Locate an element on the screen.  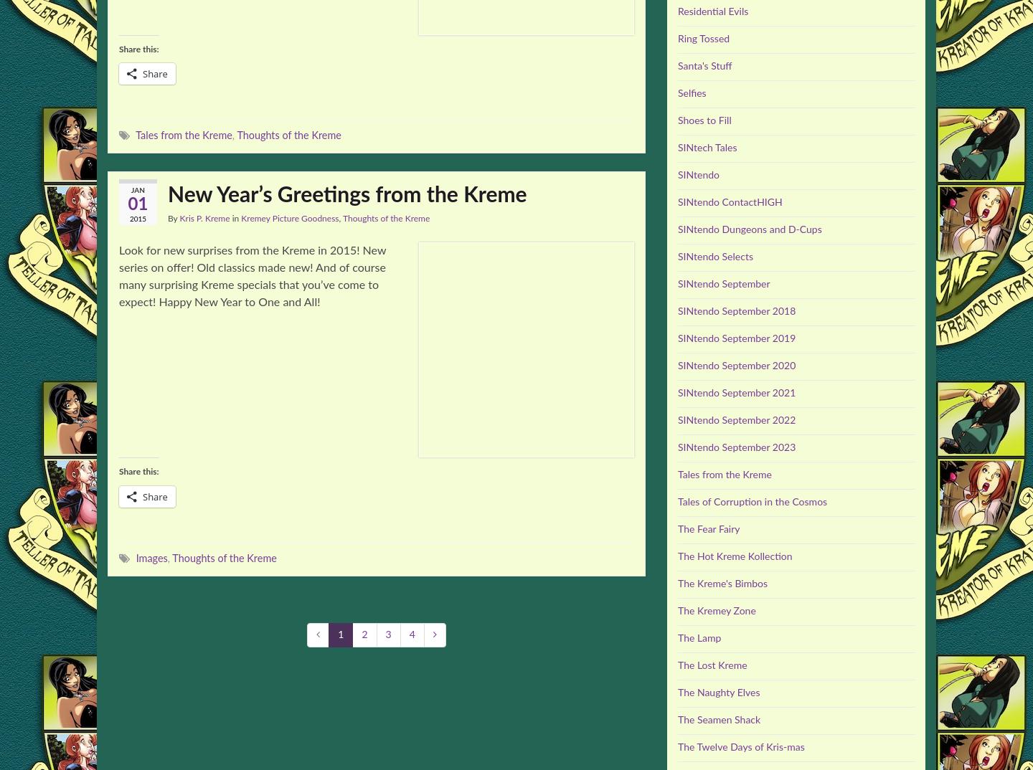
'The Lost Kreme' is located at coordinates (712, 666).